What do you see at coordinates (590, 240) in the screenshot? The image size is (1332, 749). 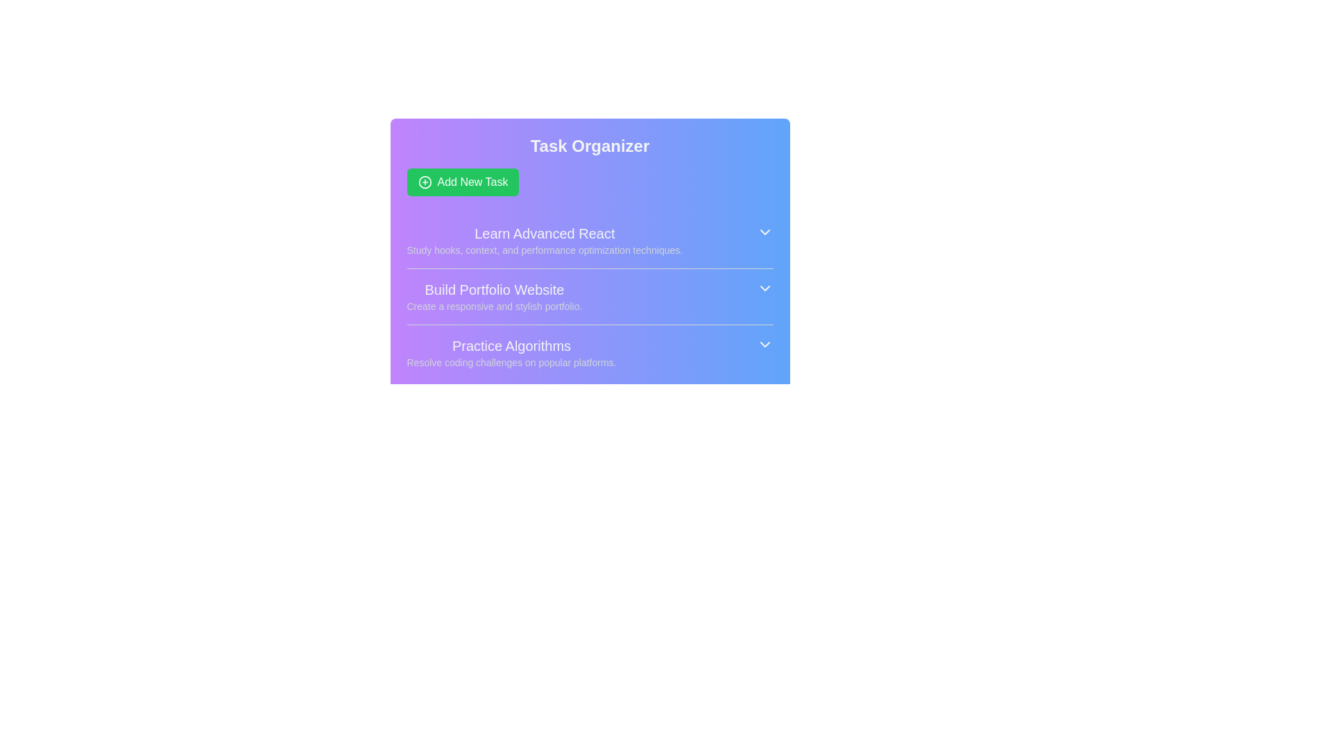 I see `text of the first task entry item in the task organizer, which is located above the task titled 'Build Portfolio Website'` at bounding box center [590, 240].